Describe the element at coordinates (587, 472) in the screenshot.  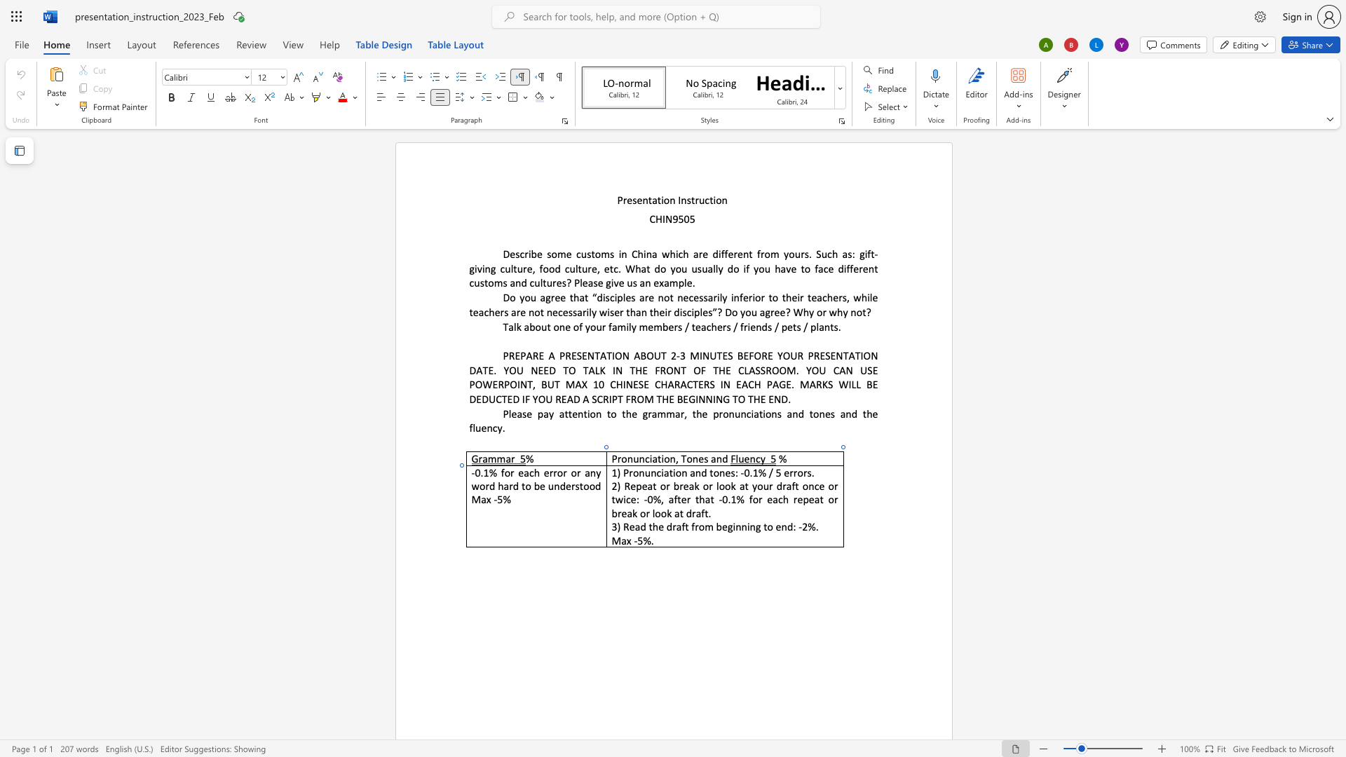
I see `the 2th character "a" in the text` at that location.